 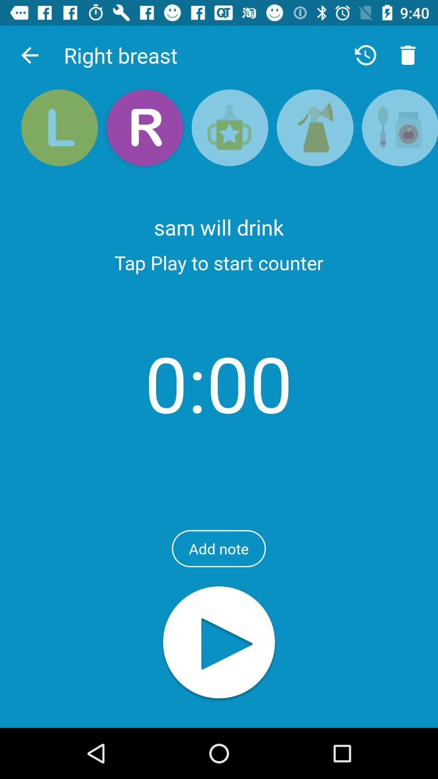 I want to click on it will used to play the video, so click(x=219, y=643).